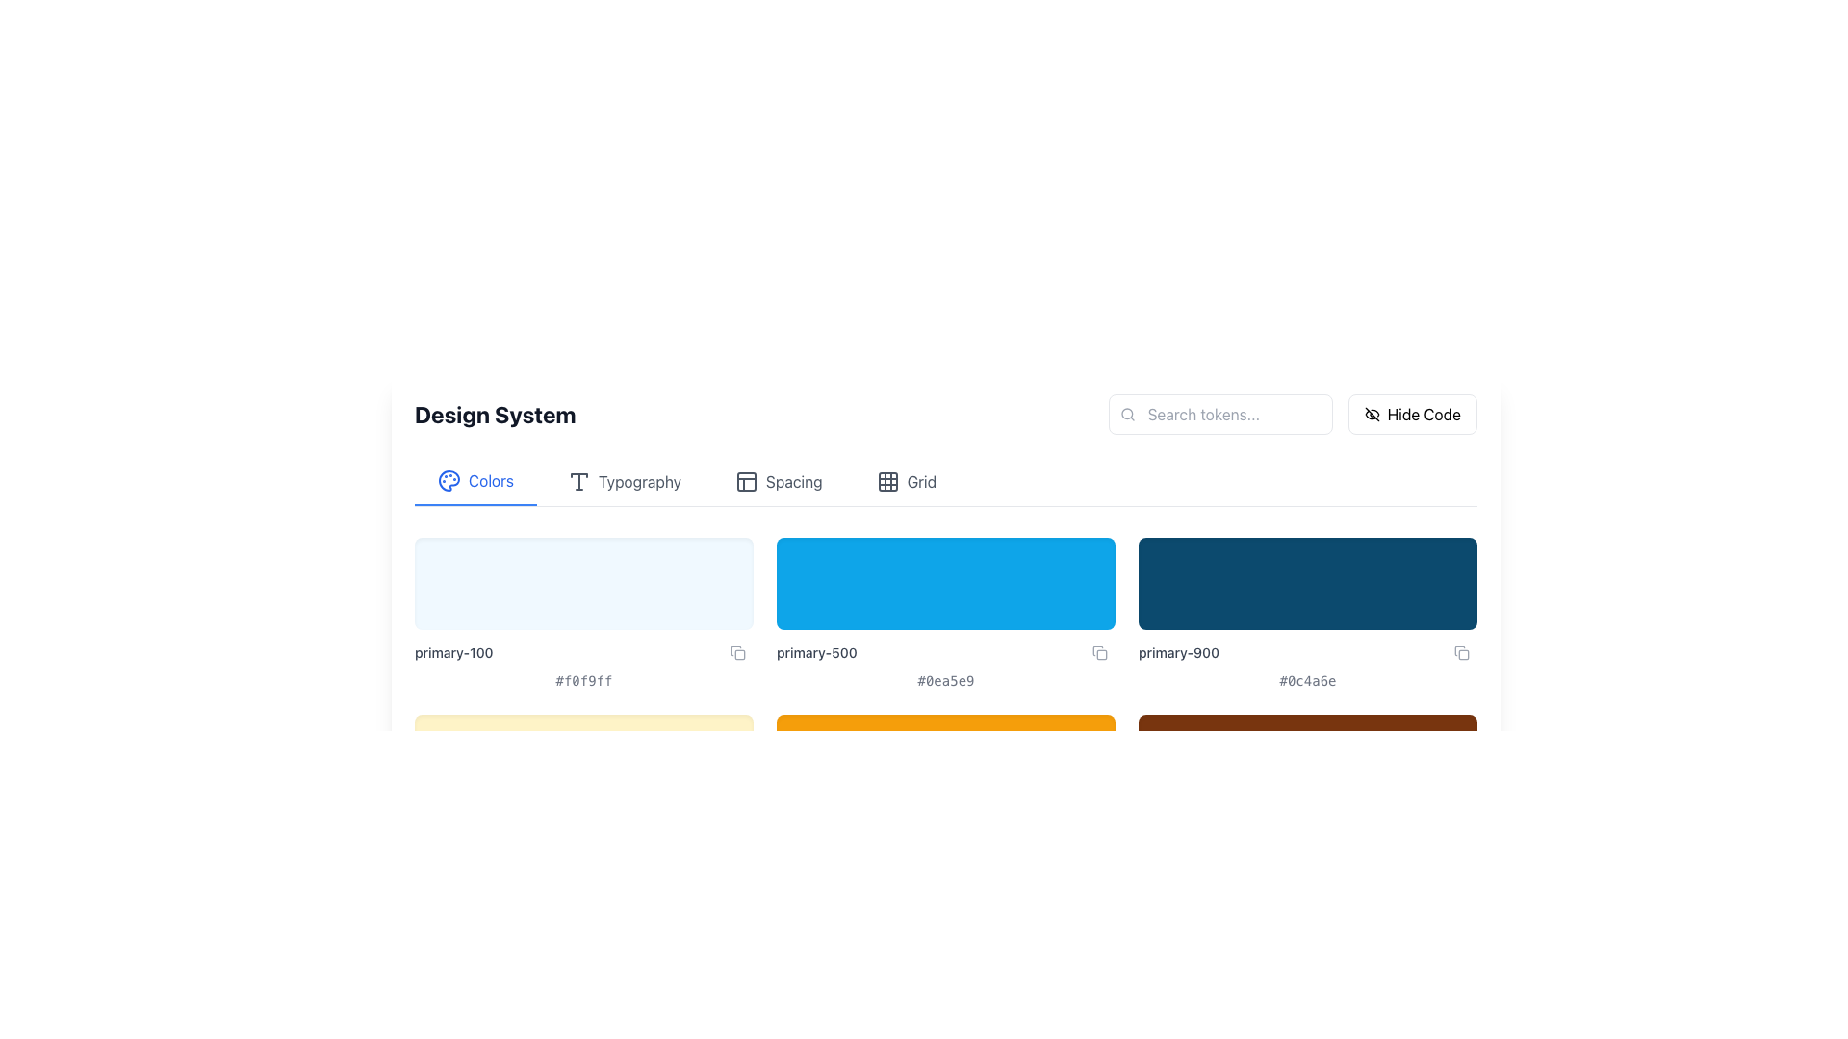  What do you see at coordinates (475, 481) in the screenshot?
I see `the 'Colors' navigation tab, which is styled with bold blue text and an active blue underline, located in the upper-left section of the interface` at bounding box center [475, 481].